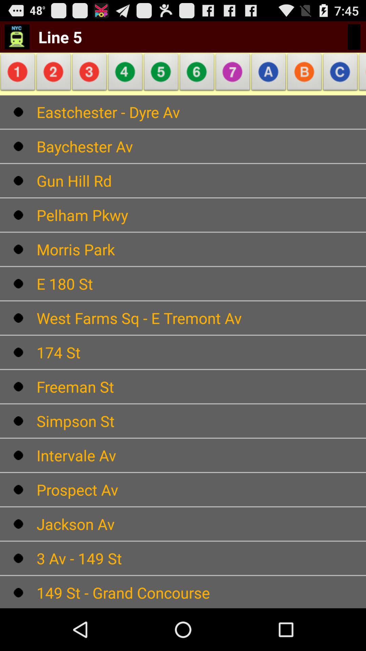 The width and height of the screenshot is (366, 651). Describe the element at coordinates (161, 79) in the screenshot. I see `the add icon` at that location.